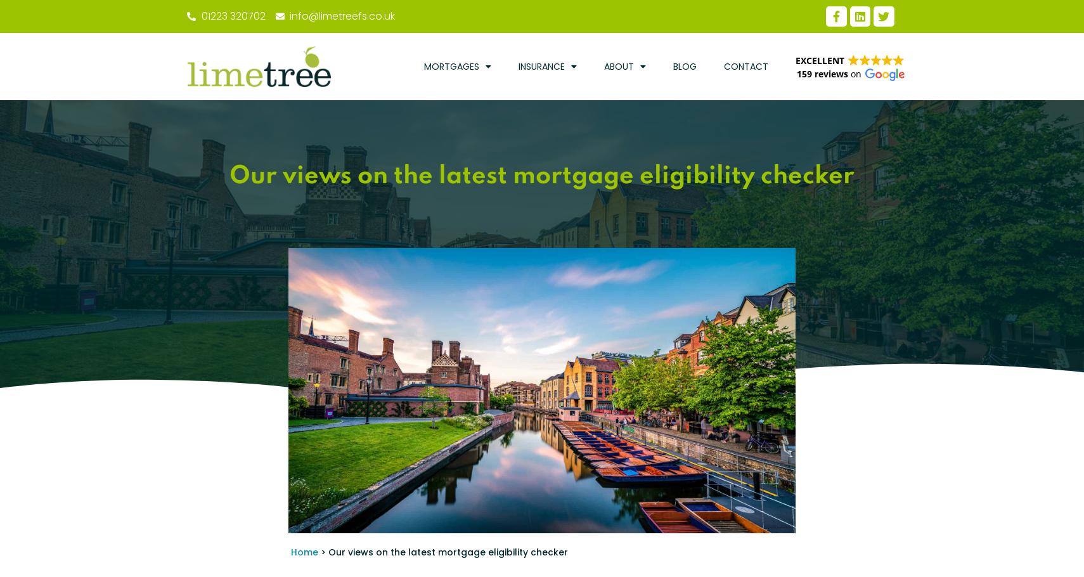  What do you see at coordinates (505, 535) in the screenshot?
I see `'October 21, 2023'` at bounding box center [505, 535].